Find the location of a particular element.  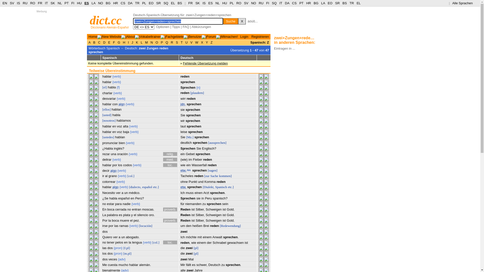

'dict.cc' is located at coordinates (105, 20).